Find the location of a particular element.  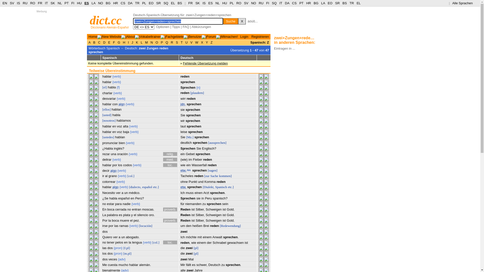

'dict.cc' is located at coordinates (105, 20).